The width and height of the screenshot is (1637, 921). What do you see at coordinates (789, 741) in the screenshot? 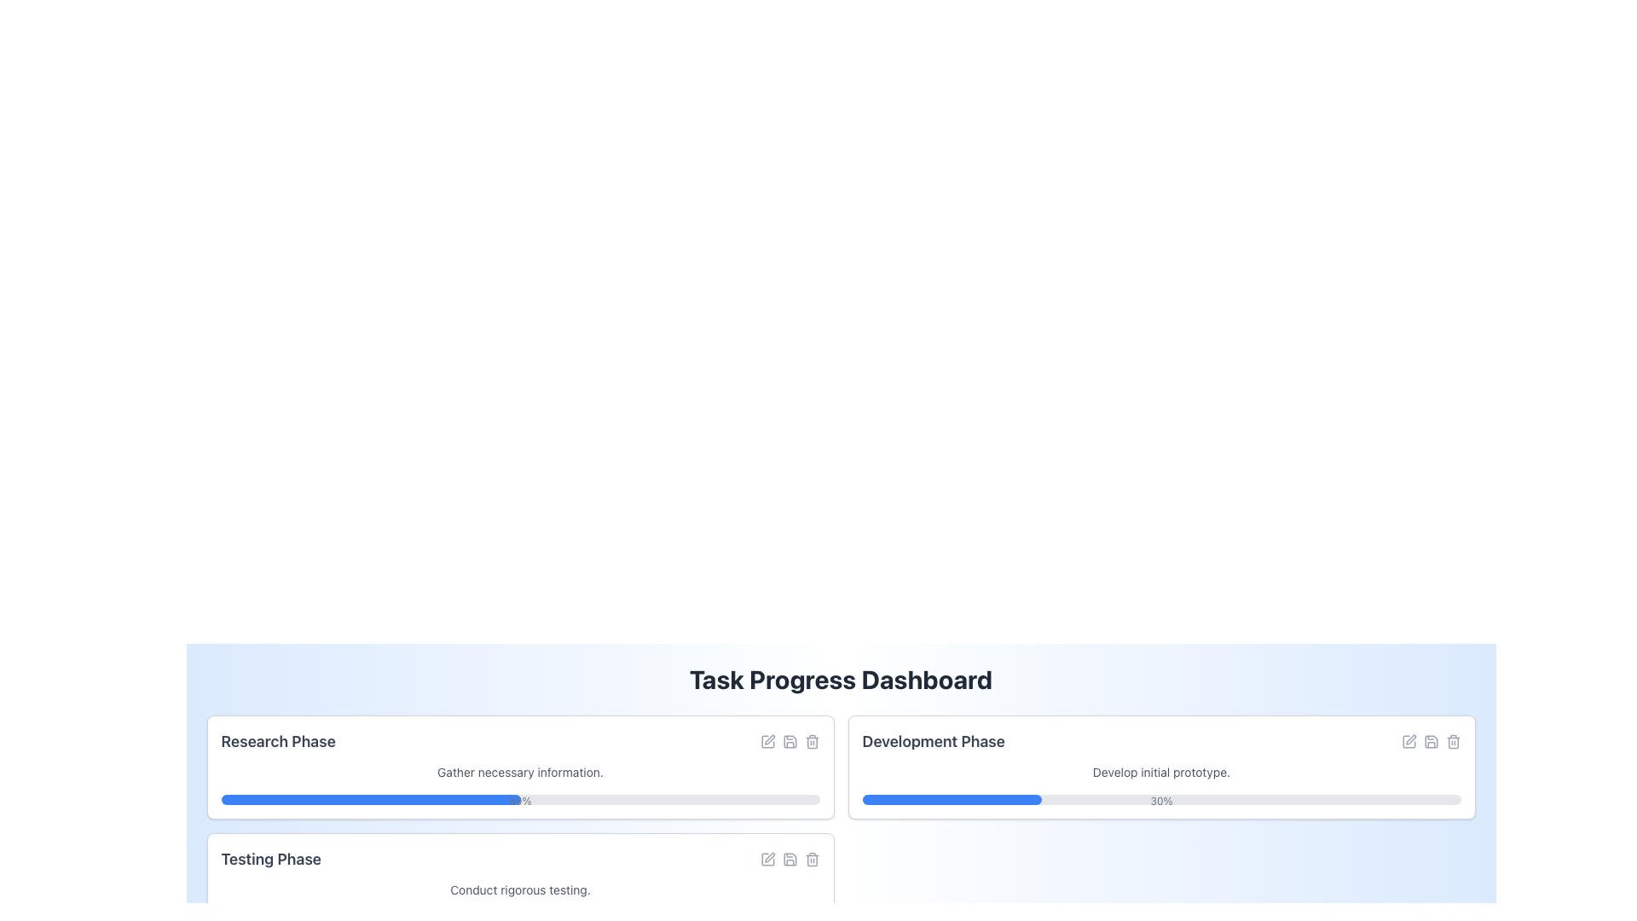
I see `the trash bin icon in the Action menu located in the upper-right corner of the 'Research Phase' card` at bounding box center [789, 741].